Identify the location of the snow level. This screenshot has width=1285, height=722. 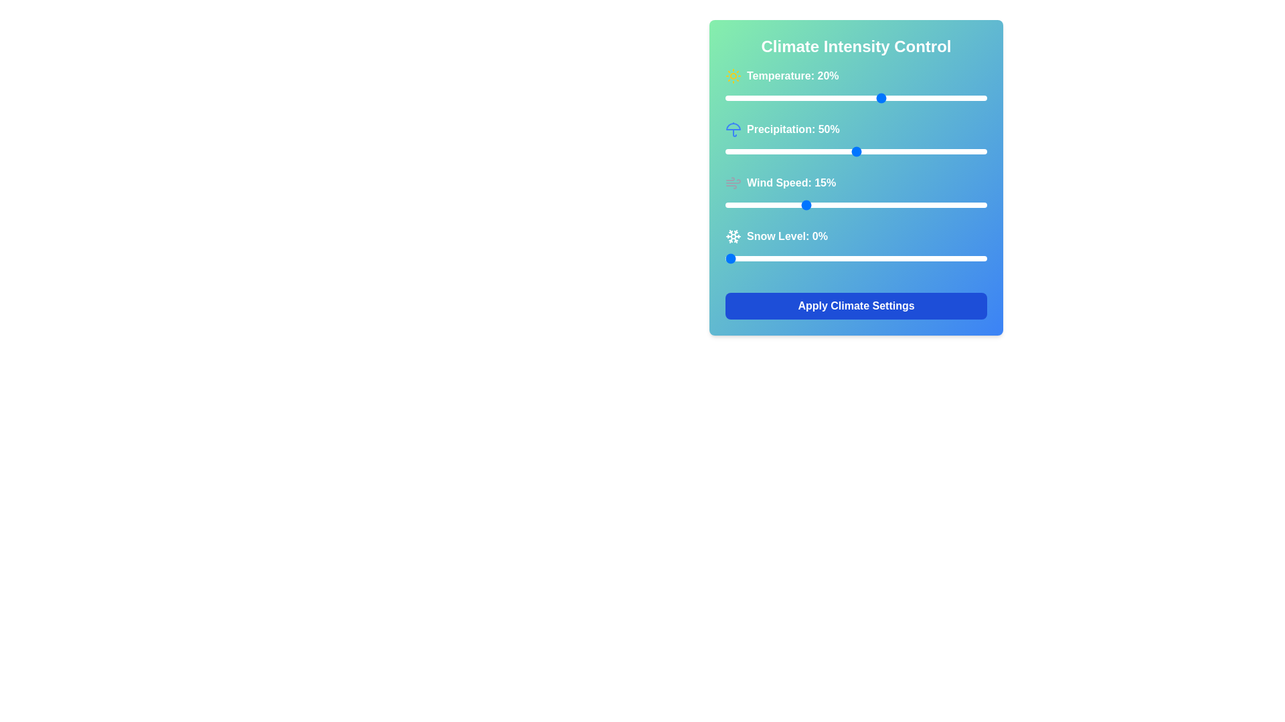
(903, 258).